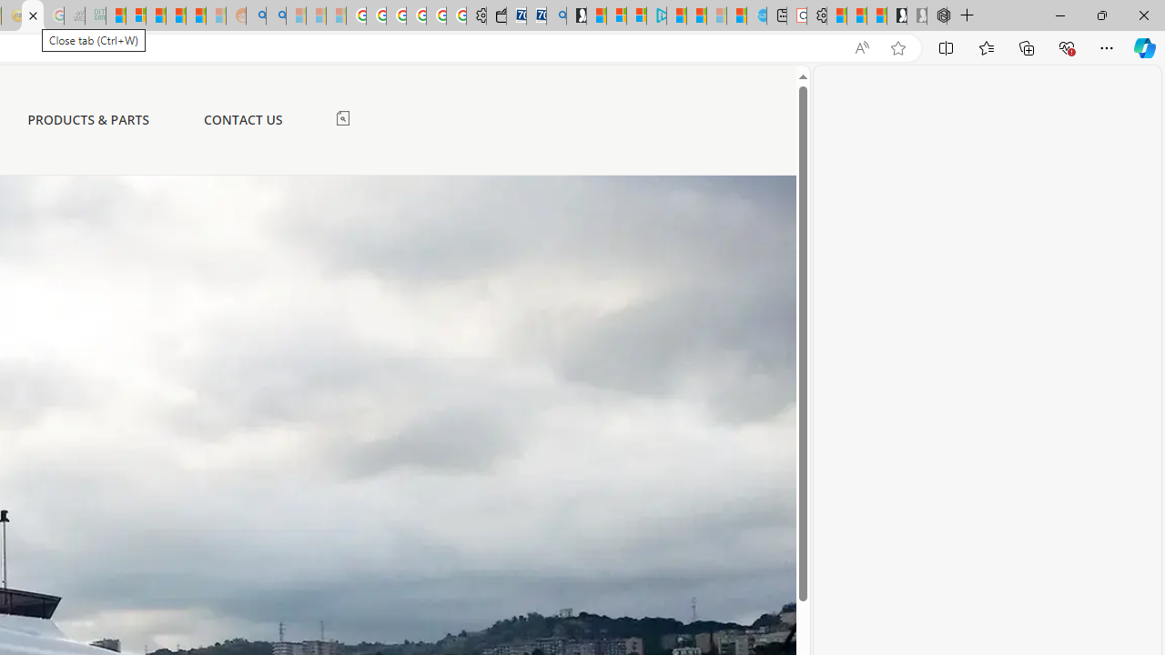 This screenshot has width=1165, height=655. What do you see at coordinates (275, 15) in the screenshot?
I see `'Utah sues federal government - Search'` at bounding box center [275, 15].